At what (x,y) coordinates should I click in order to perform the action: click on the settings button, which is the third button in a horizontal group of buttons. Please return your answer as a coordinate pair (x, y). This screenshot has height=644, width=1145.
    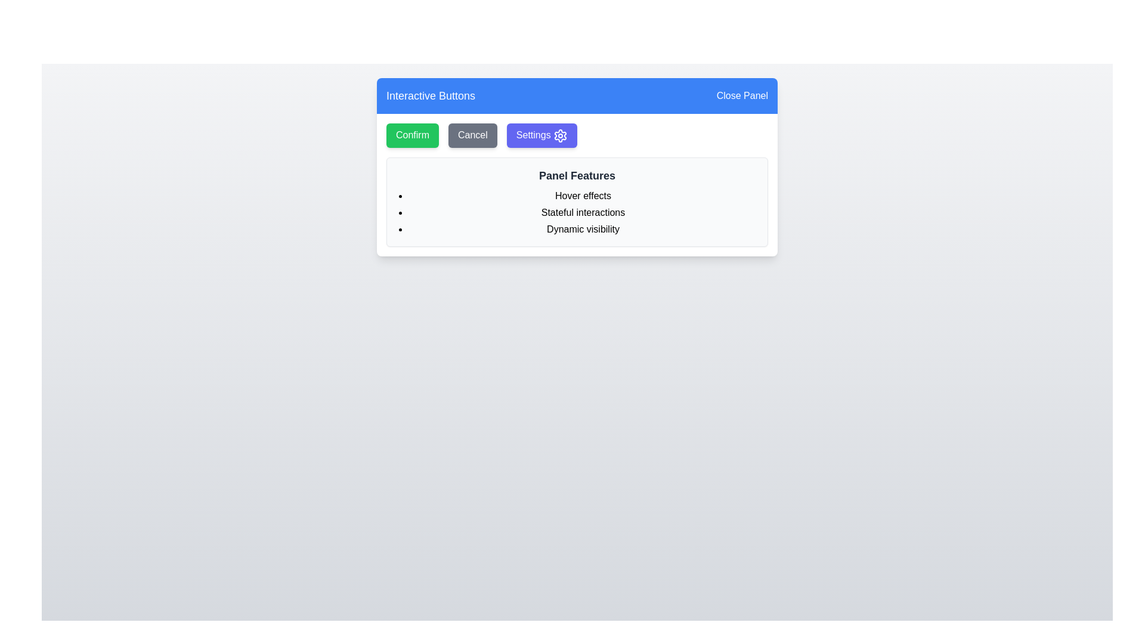
    Looking at the image, I should click on (541, 135).